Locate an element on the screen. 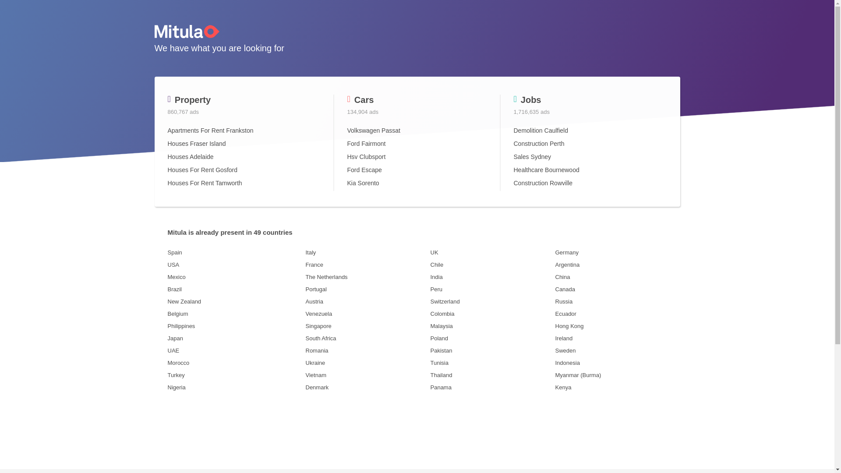  'Cars' is located at coordinates (360, 99).